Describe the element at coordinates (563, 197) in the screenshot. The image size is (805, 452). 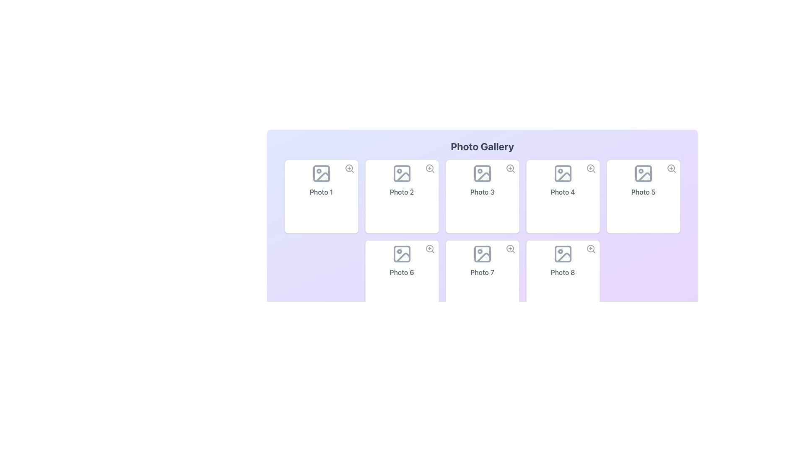
I see `the 'Photo 4' Image Card, which is the fourth card in the first row of the gallery layout` at that location.